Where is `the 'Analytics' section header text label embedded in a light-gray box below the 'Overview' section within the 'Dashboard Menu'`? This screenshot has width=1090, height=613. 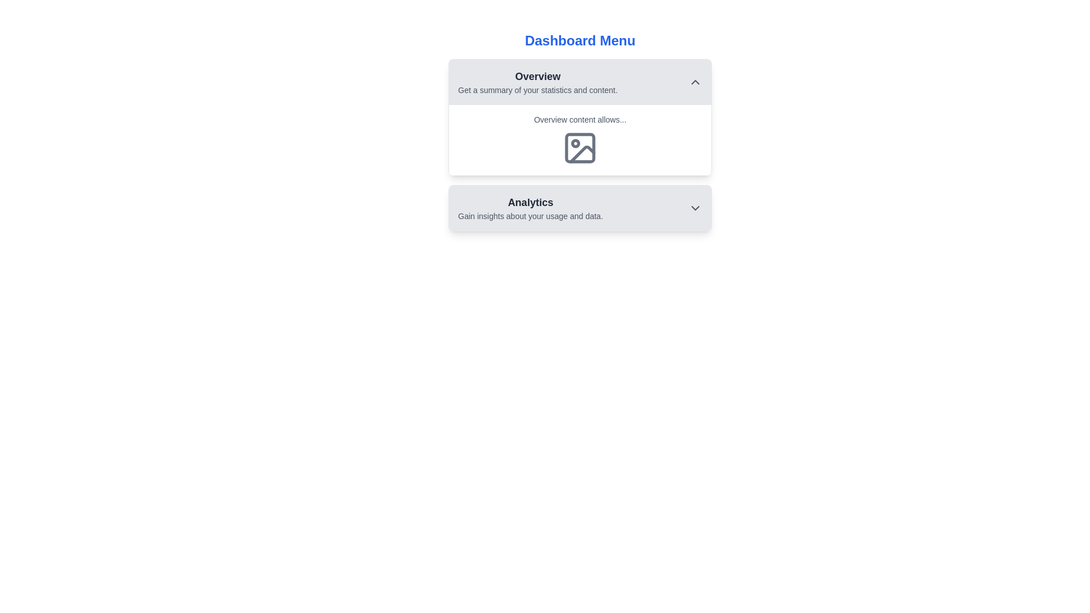
the 'Analytics' section header text label embedded in a light-gray box below the 'Overview' section within the 'Dashboard Menu' is located at coordinates (530, 202).